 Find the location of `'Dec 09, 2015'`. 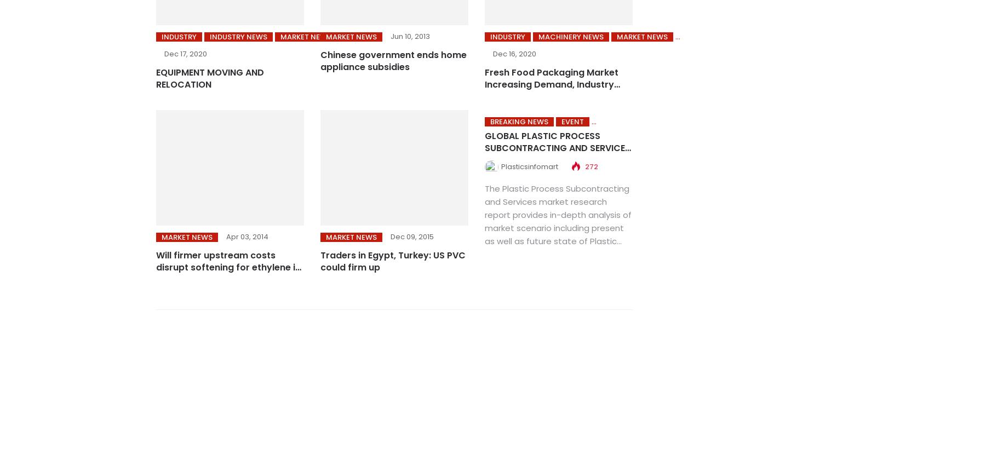

'Dec 09, 2015' is located at coordinates (411, 236).